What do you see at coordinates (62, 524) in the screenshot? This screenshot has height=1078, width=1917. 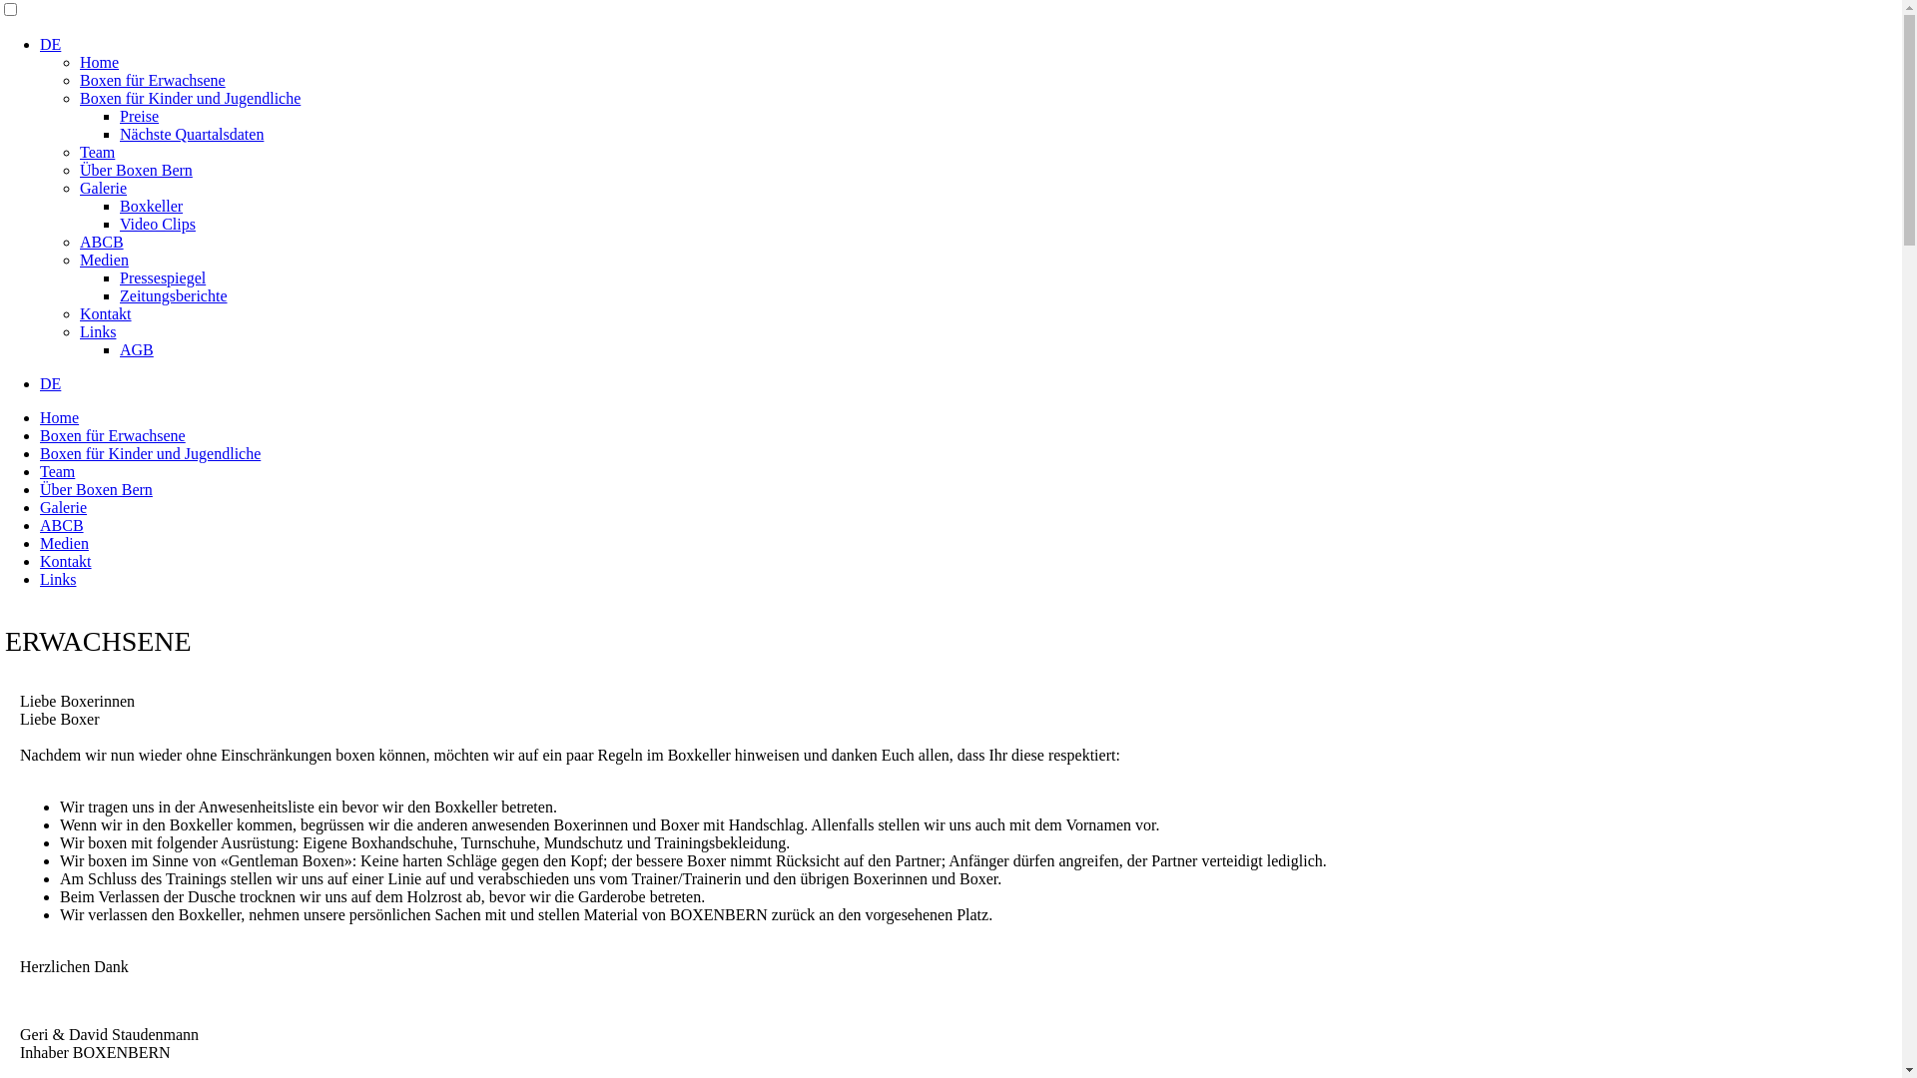 I see `'ABCB'` at bounding box center [62, 524].